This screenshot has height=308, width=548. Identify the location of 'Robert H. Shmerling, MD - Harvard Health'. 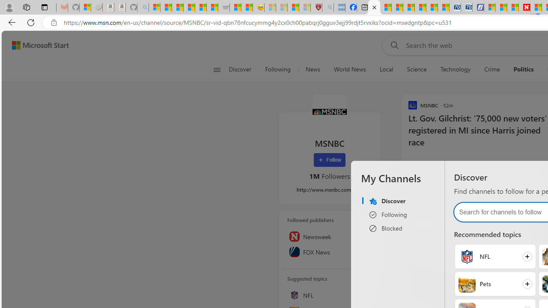
(316, 7).